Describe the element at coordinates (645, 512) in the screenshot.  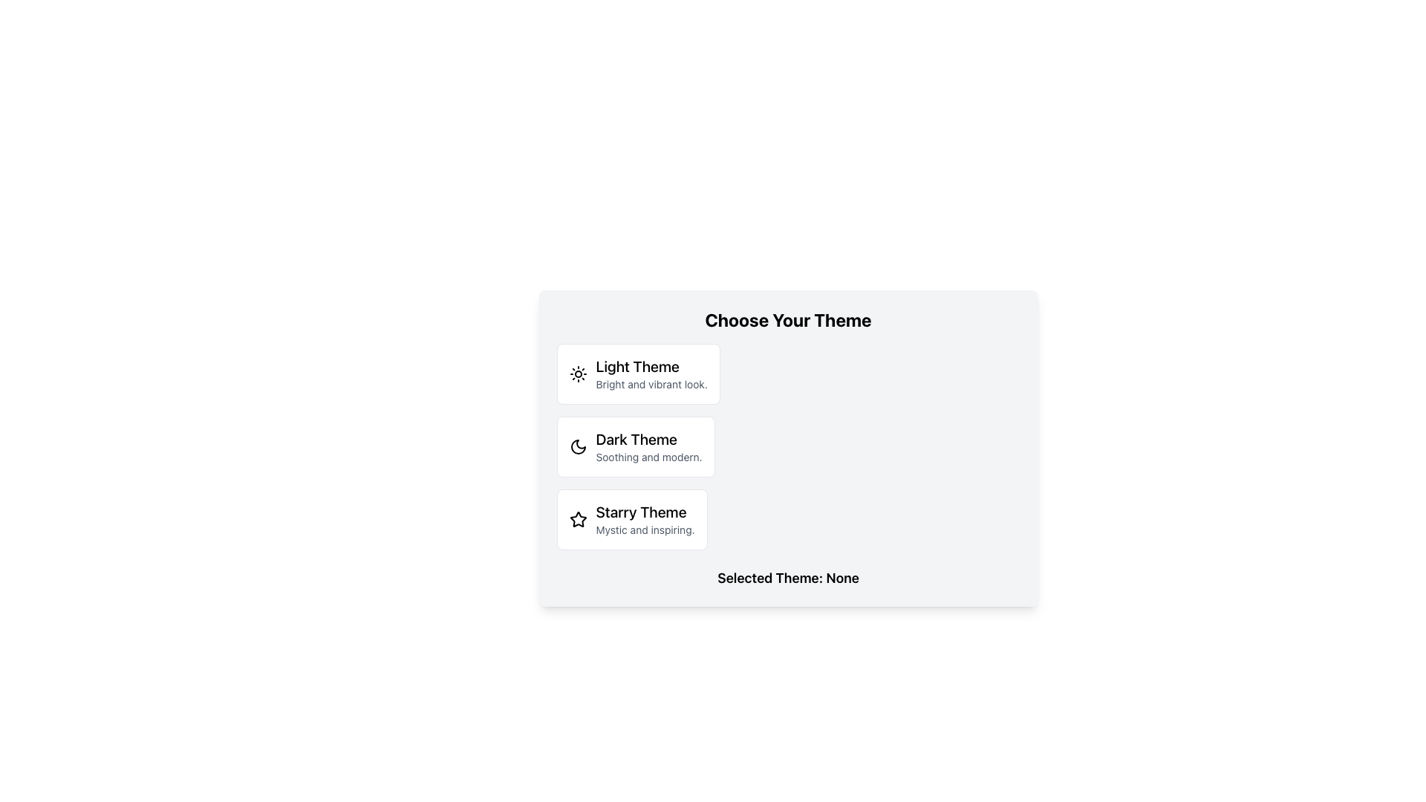
I see `the text label element that serves as the title for the 'Starry Theme' option` at that location.